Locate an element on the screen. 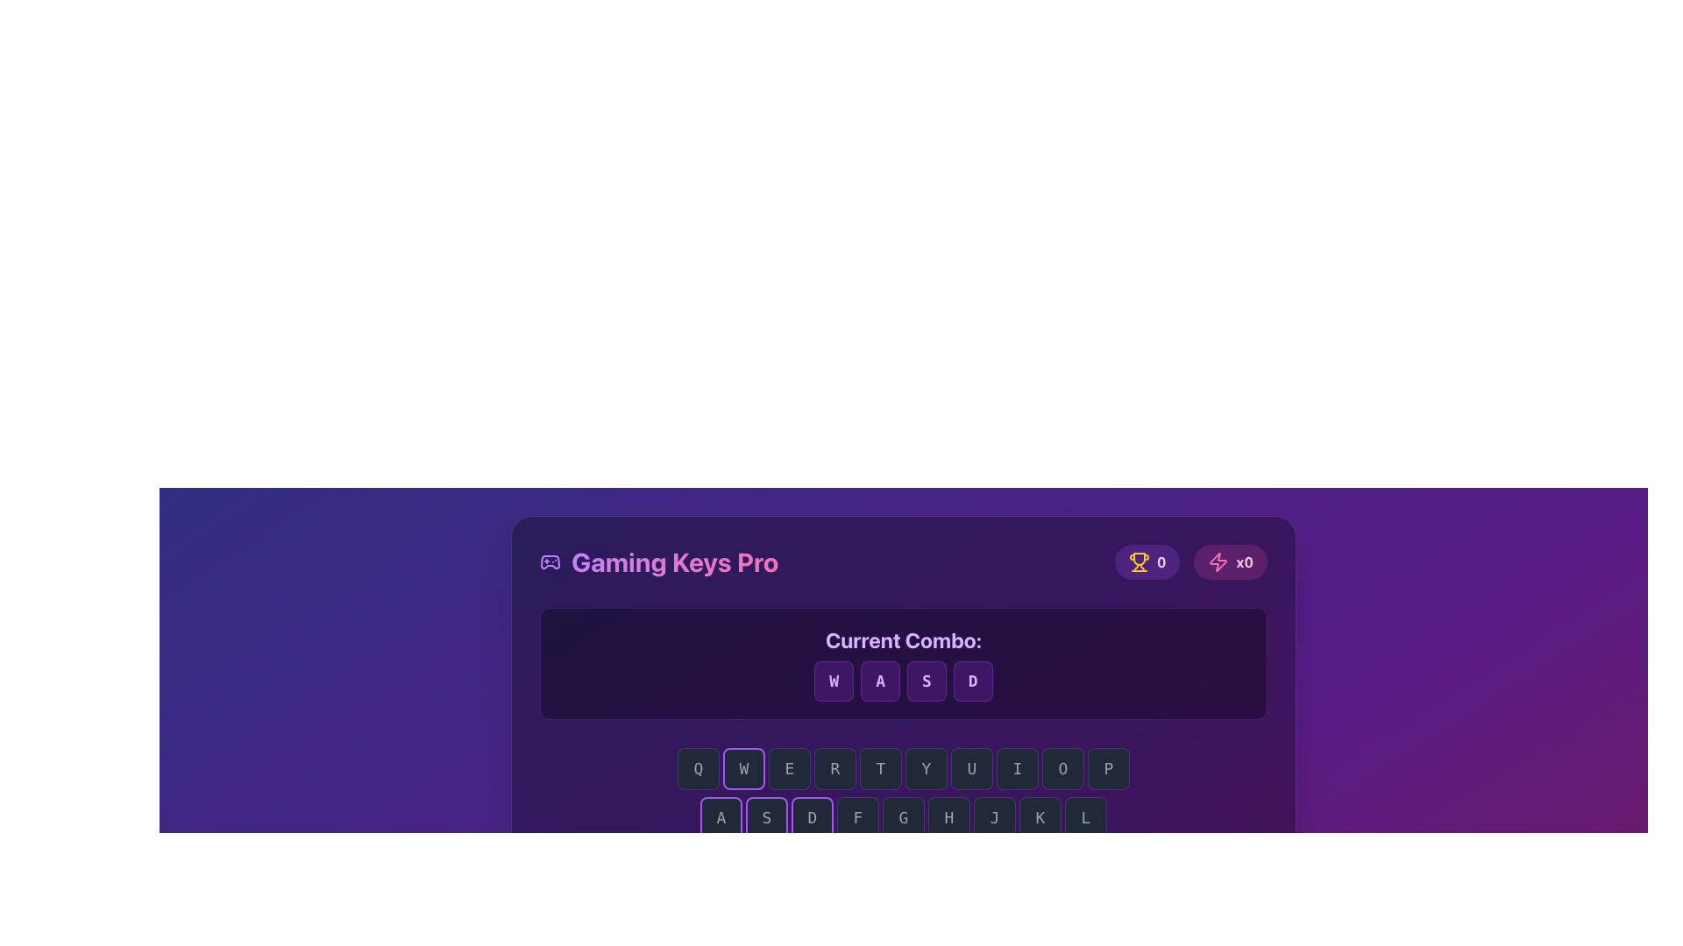  the lightning bolt icon located in the top-right corner of the interface is located at coordinates (1218, 561).